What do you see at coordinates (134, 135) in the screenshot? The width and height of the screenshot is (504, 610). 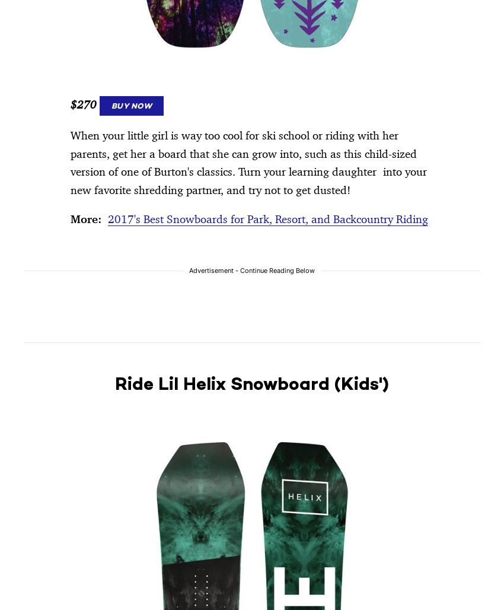 I see `'CA Notice at Collection'` at bounding box center [134, 135].